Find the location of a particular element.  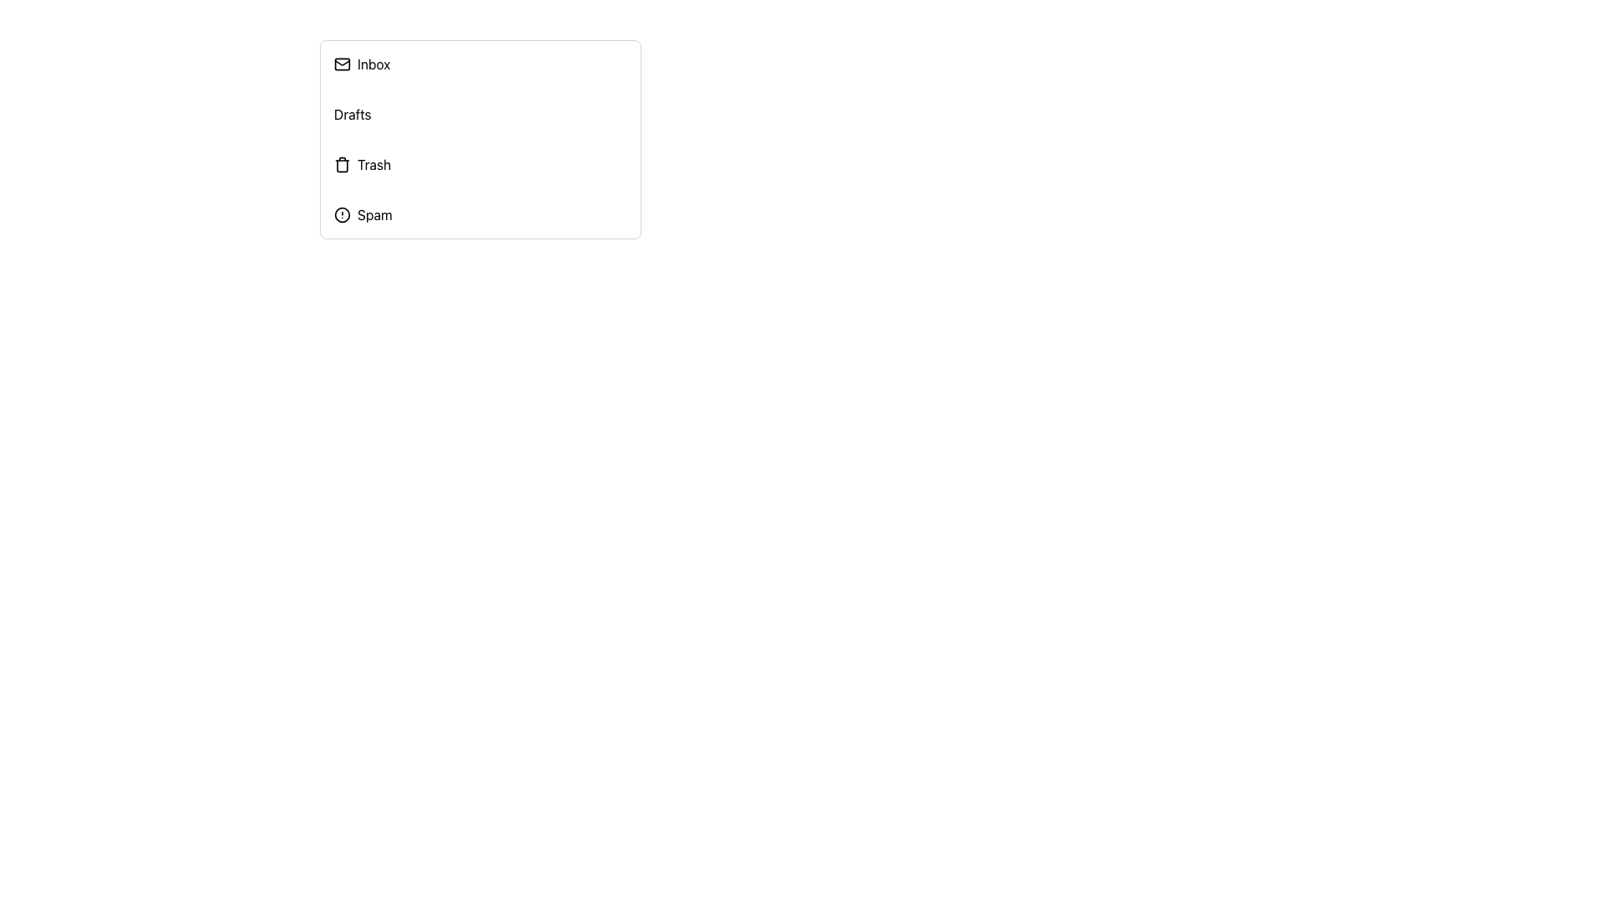

the rectangular graphical component within the email icon, which is part of the envelope shape in the top-left of the vertical menu is located at coordinates (341, 64).